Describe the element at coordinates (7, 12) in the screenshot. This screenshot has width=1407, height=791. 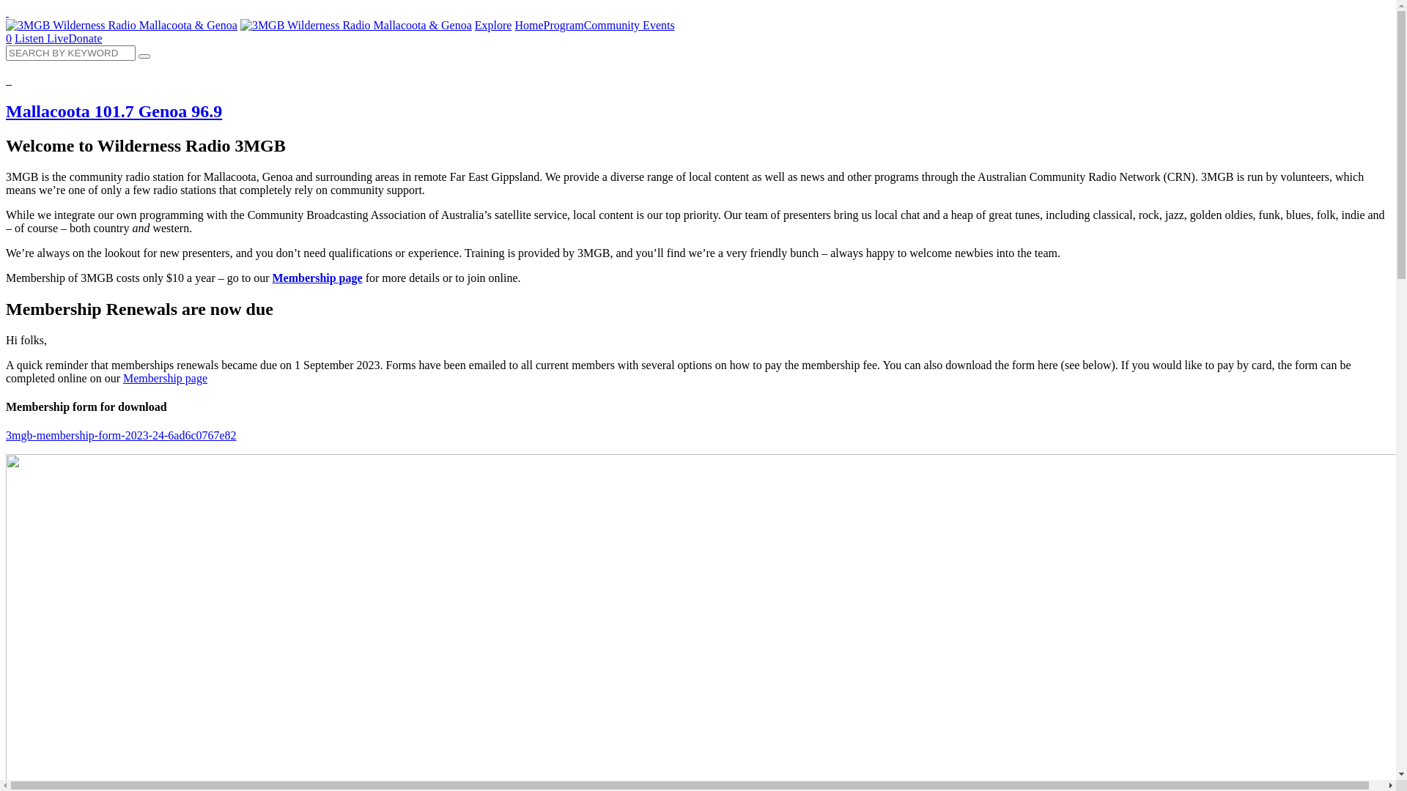
I see `' '` at that location.